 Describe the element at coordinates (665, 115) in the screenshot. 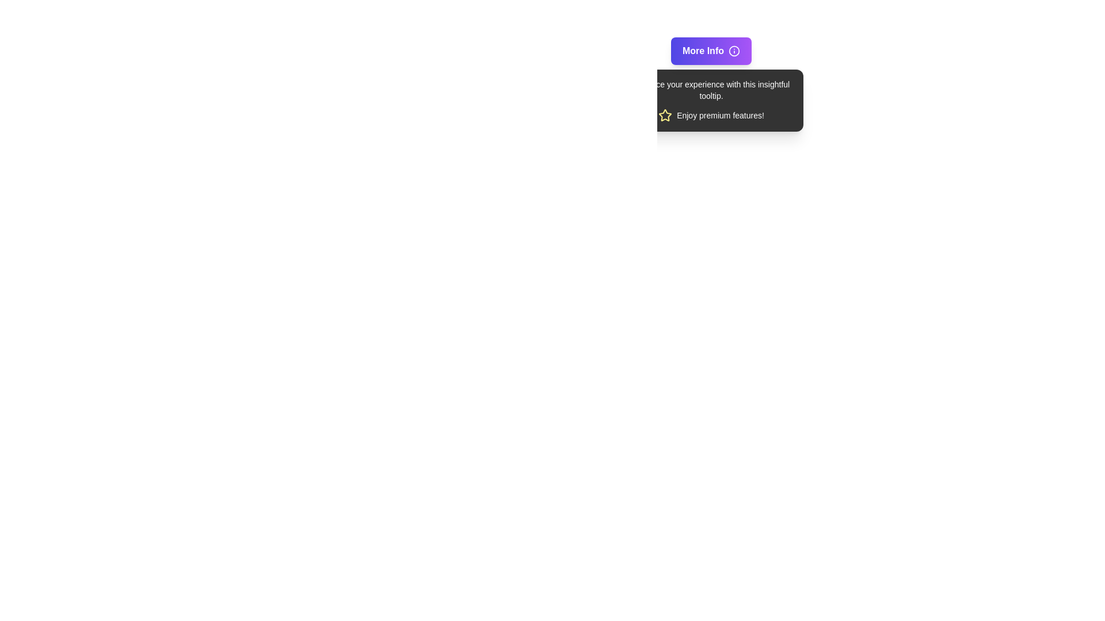

I see `the star-shaped icon with a yellow border and dark fill that is part of the tooltip near the text 'Enjoy premium features!'` at that location.